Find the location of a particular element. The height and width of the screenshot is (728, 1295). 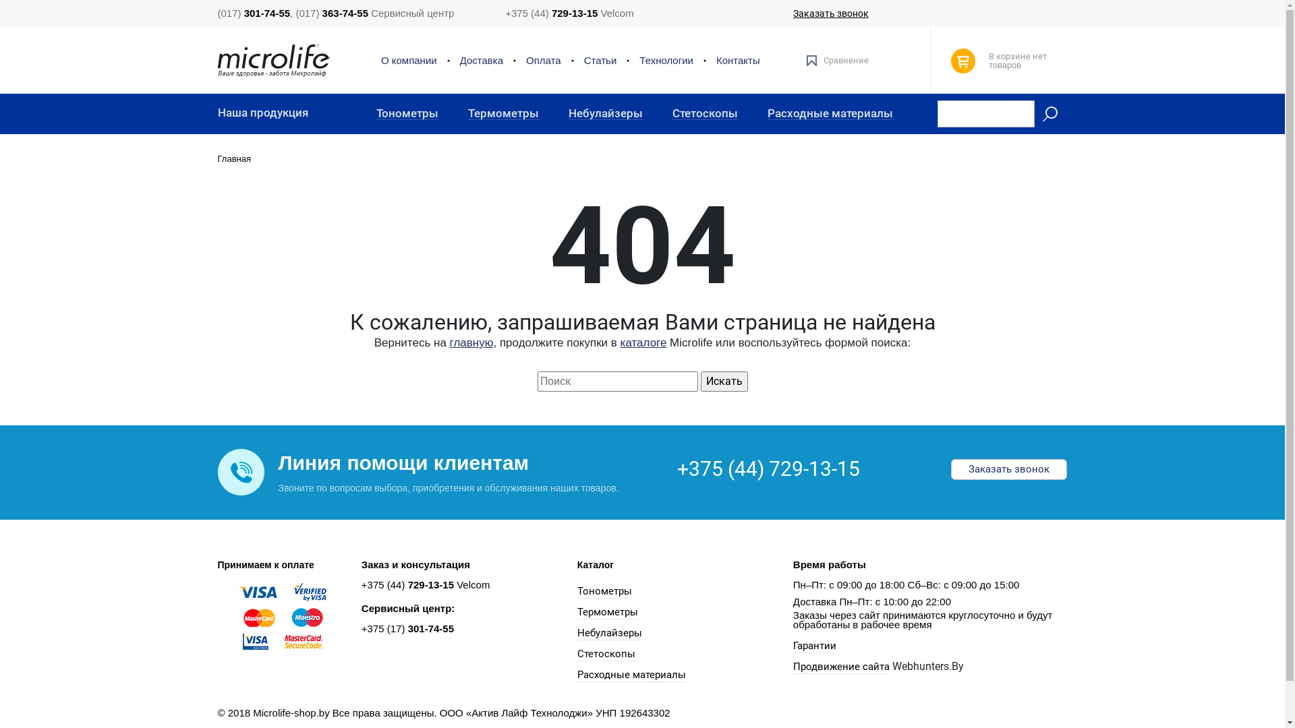

'+375 (44) 729-13-15' is located at coordinates (768, 468).